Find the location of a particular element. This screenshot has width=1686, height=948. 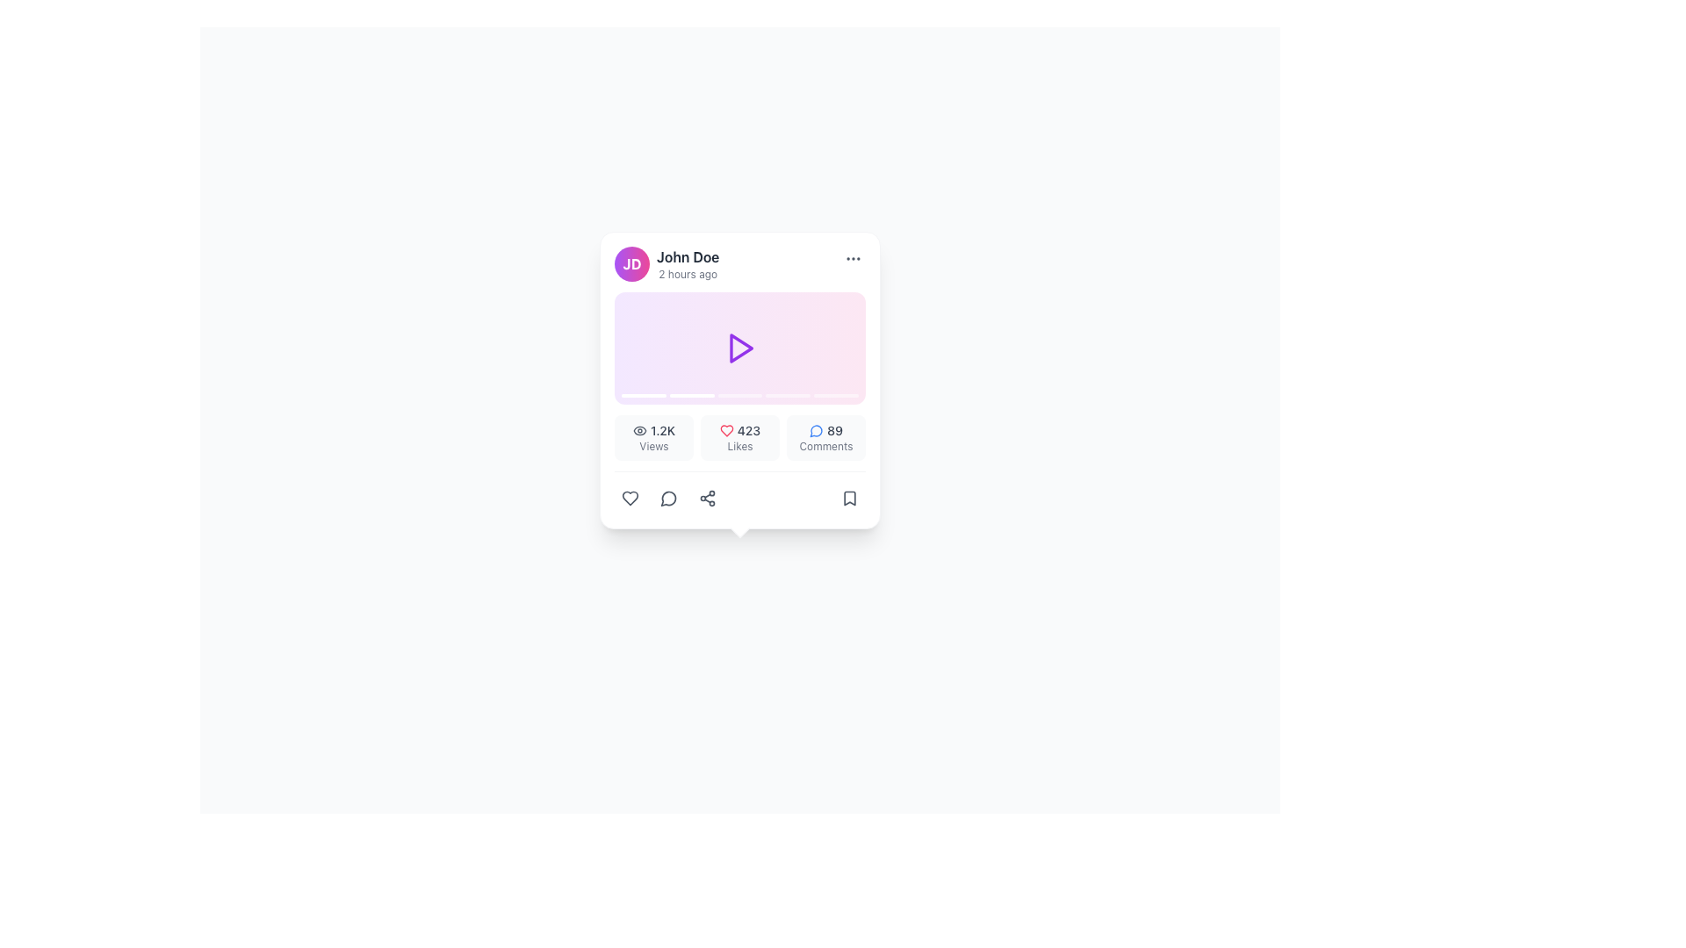

the text block displaying 'John Doe' and '2 hours ago', which is positioned to the right of the user's profile image and beneath the circular avatar labeled 'JD' is located at coordinates (687, 263).